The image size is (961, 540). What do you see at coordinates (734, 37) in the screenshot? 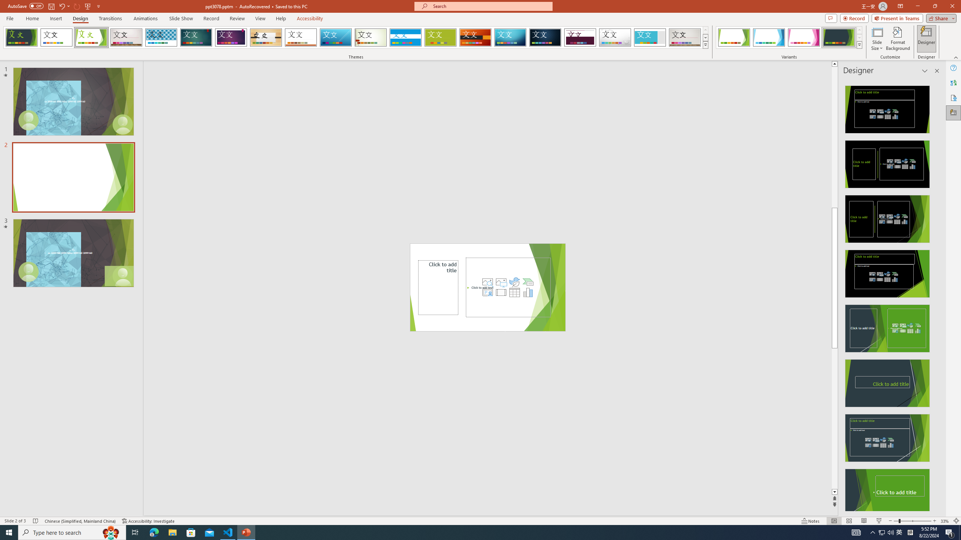
I see `'Facet Variant 1'` at bounding box center [734, 37].